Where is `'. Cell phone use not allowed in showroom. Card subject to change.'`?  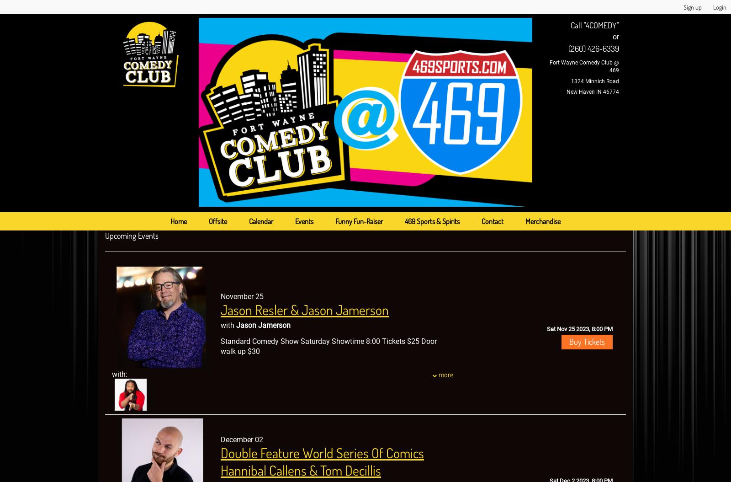
'. Cell phone use not allowed in showroom. Card subject to change.' is located at coordinates (326, 437).